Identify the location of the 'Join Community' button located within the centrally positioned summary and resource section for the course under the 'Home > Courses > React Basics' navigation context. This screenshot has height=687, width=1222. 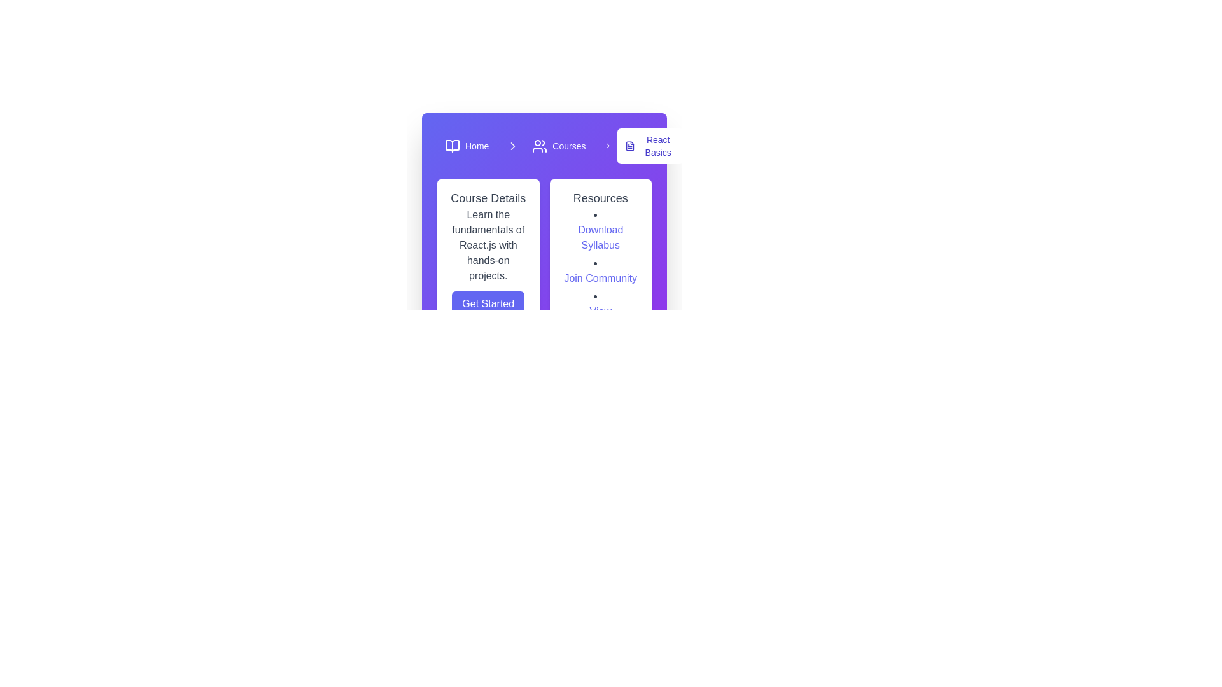
(544, 261).